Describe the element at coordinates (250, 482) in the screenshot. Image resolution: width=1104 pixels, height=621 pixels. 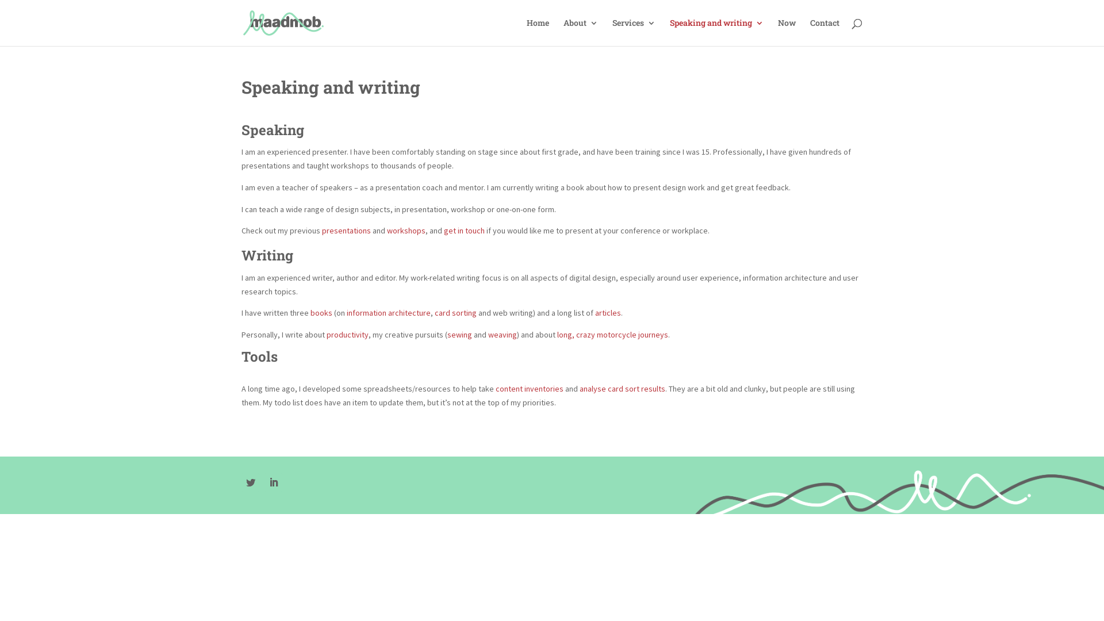
I see `'Follow on Twitter'` at that location.